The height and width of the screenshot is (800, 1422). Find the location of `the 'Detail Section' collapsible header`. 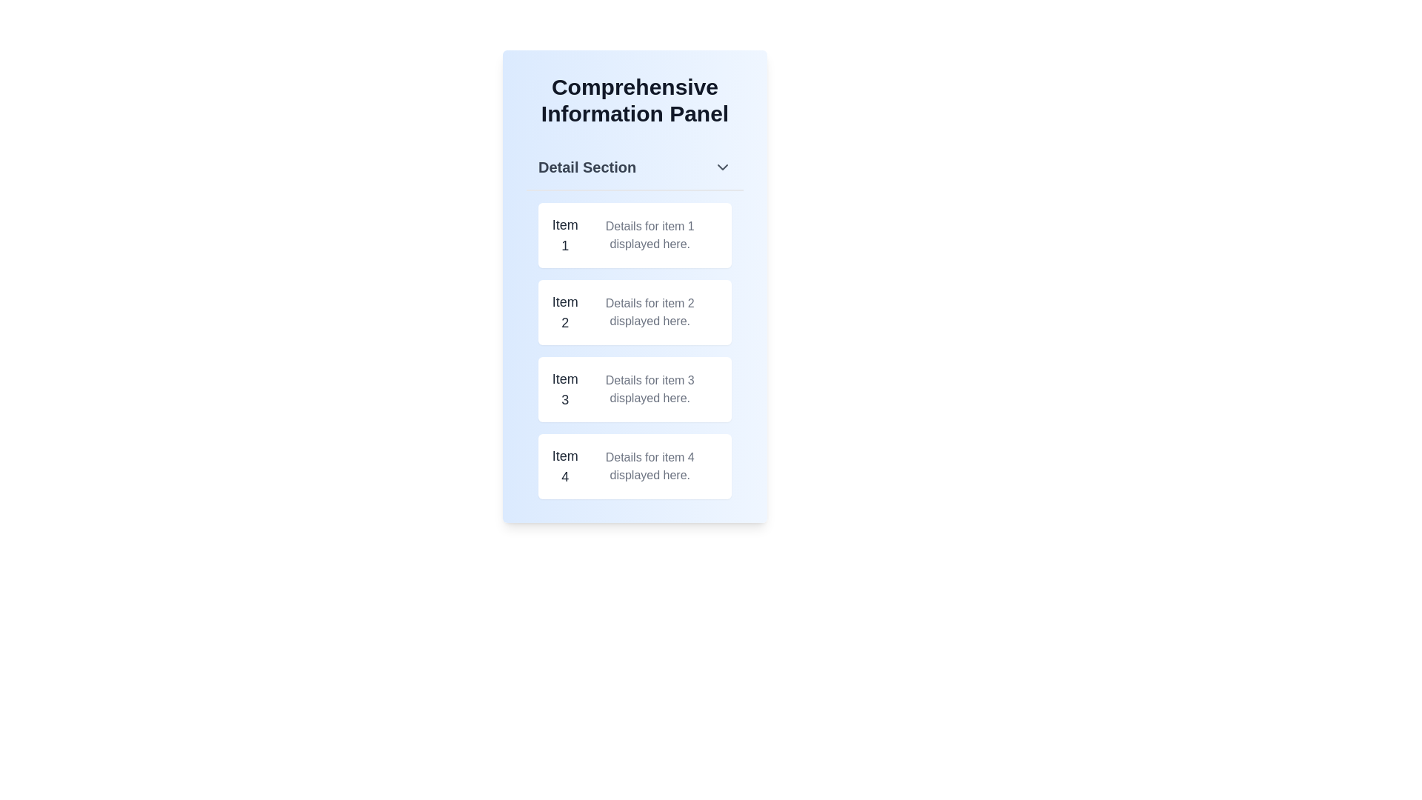

the 'Detail Section' collapsible header is located at coordinates (635, 167).